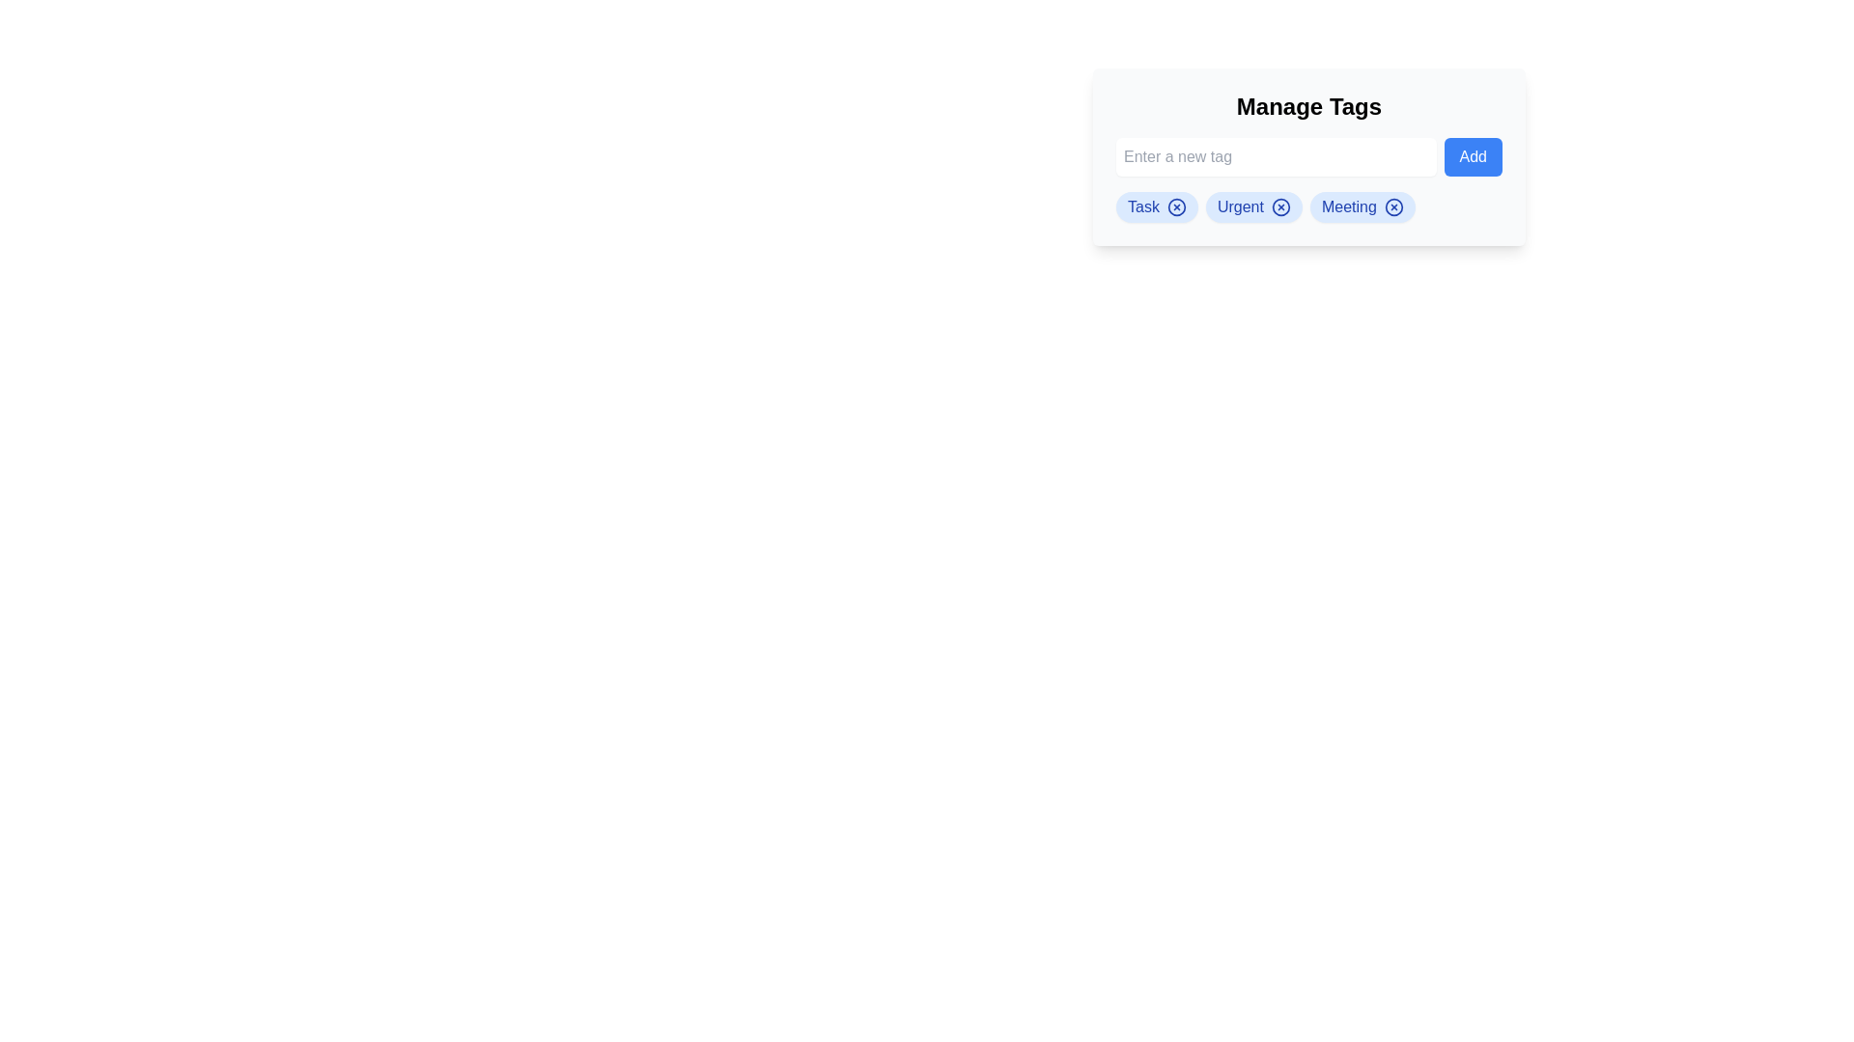  What do you see at coordinates (1362, 207) in the screenshot?
I see `the 'Meeting' tag, which has a blue background and a removable 'x' icon, to select or edit it` at bounding box center [1362, 207].